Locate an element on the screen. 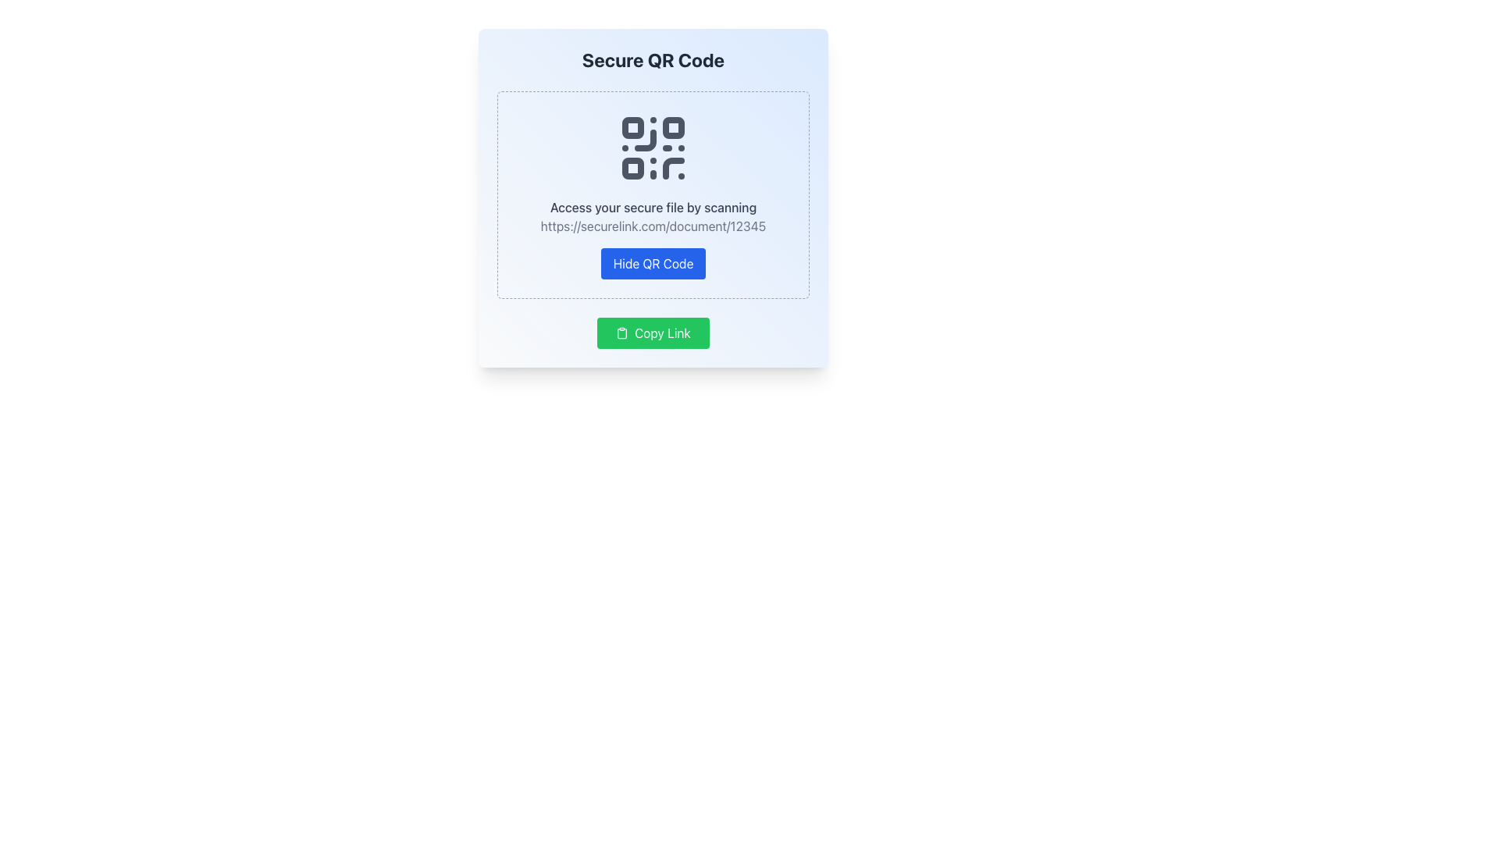 The image size is (1499, 843). the QR Code image located in the upper section of the central card layout, positioned above the text 'Access your secure file by scanning' and below the heading 'Secure QR Code' is located at coordinates (653, 148).